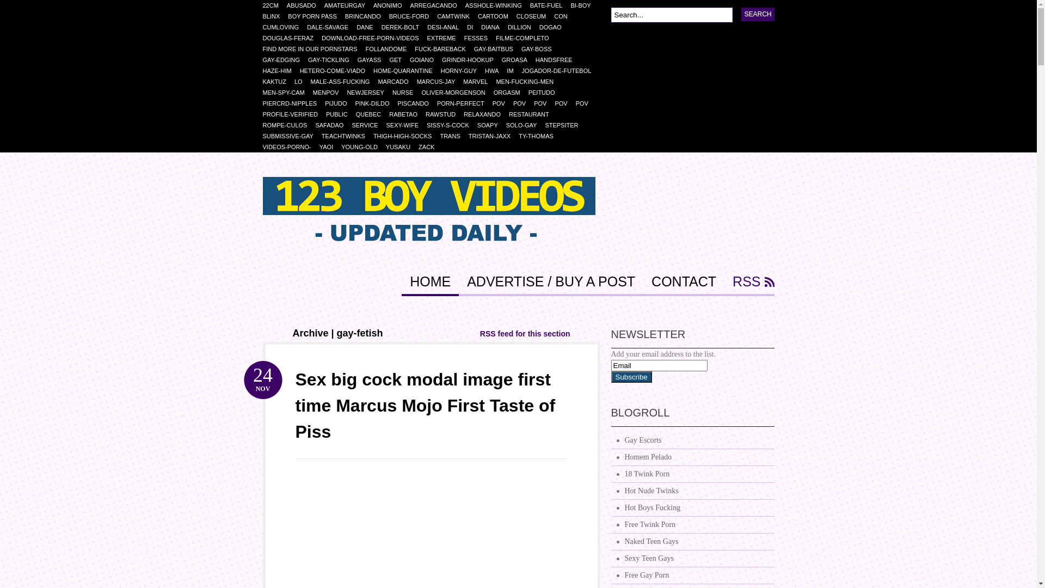 This screenshot has width=1045, height=588. What do you see at coordinates (336, 71) in the screenshot?
I see `'HETERO-COME-VIADO'` at bounding box center [336, 71].